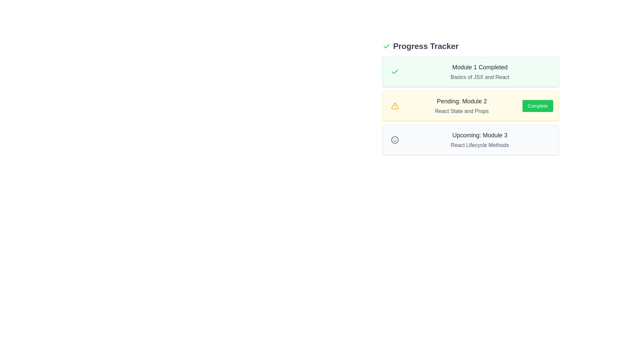 The height and width of the screenshot is (360, 641). I want to click on the text block displaying 'Module 1 Completed' and 'Basics of JSX and React' in the Progress Tracker interface, located directly under the checkmark icon, so click(479, 72).